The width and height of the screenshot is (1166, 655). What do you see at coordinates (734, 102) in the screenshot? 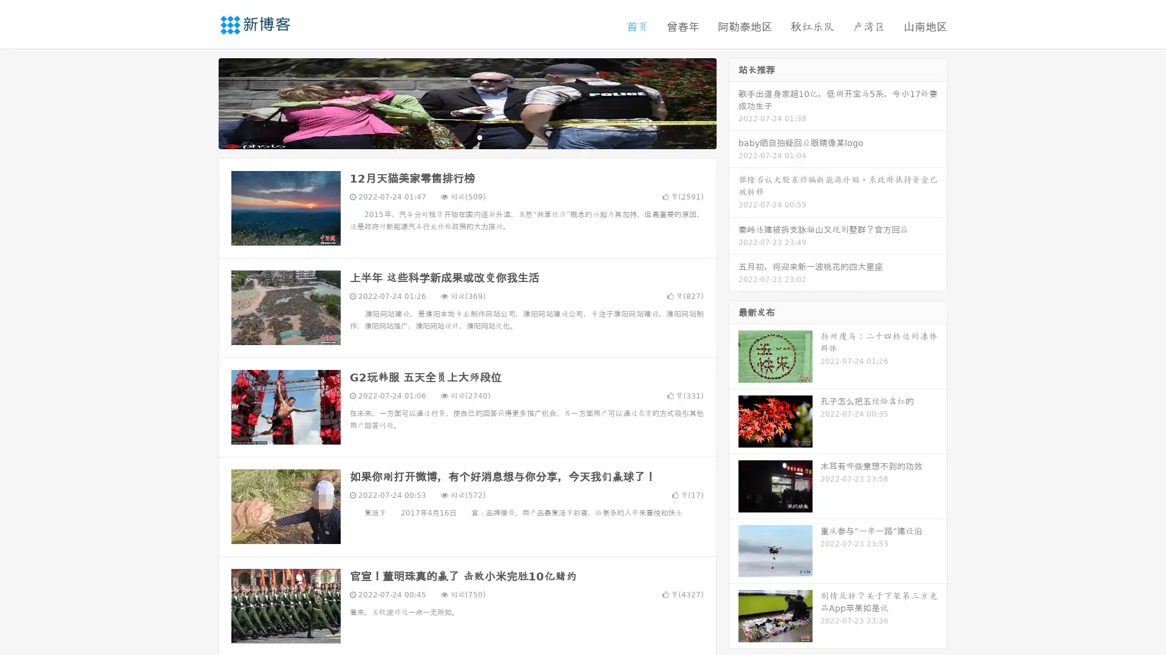
I see `Next slide` at bounding box center [734, 102].